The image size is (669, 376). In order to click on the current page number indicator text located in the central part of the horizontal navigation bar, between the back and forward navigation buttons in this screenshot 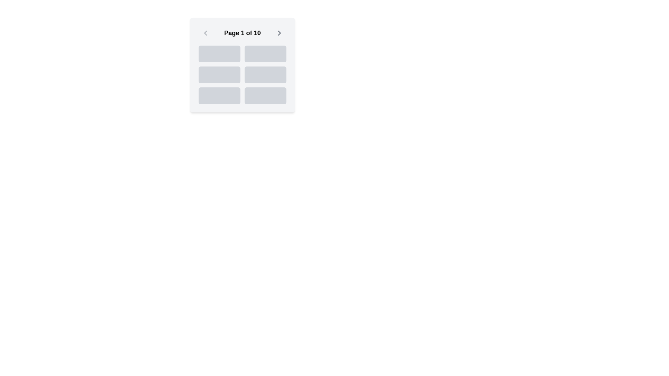, I will do `click(243, 33)`.